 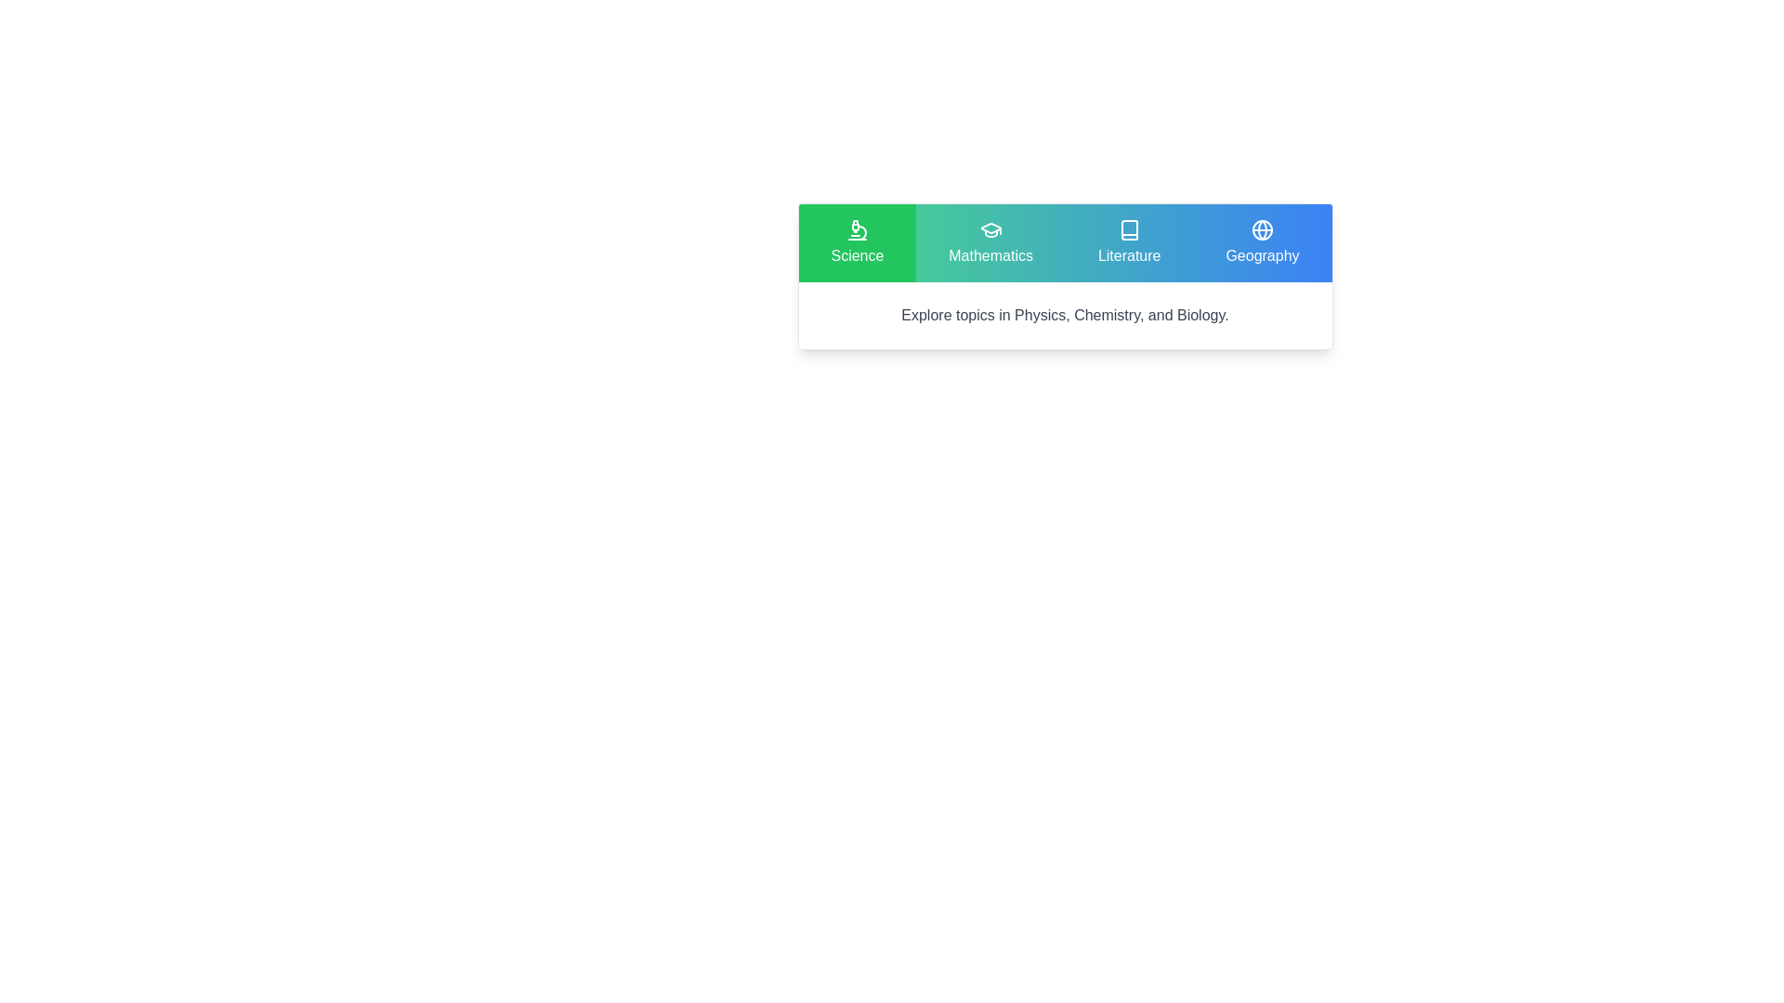 What do you see at coordinates (856, 228) in the screenshot?
I see `the microscope-shaped icon located in the green rectangular section labeled 'Science', which is visually centered within that section` at bounding box center [856, 228].